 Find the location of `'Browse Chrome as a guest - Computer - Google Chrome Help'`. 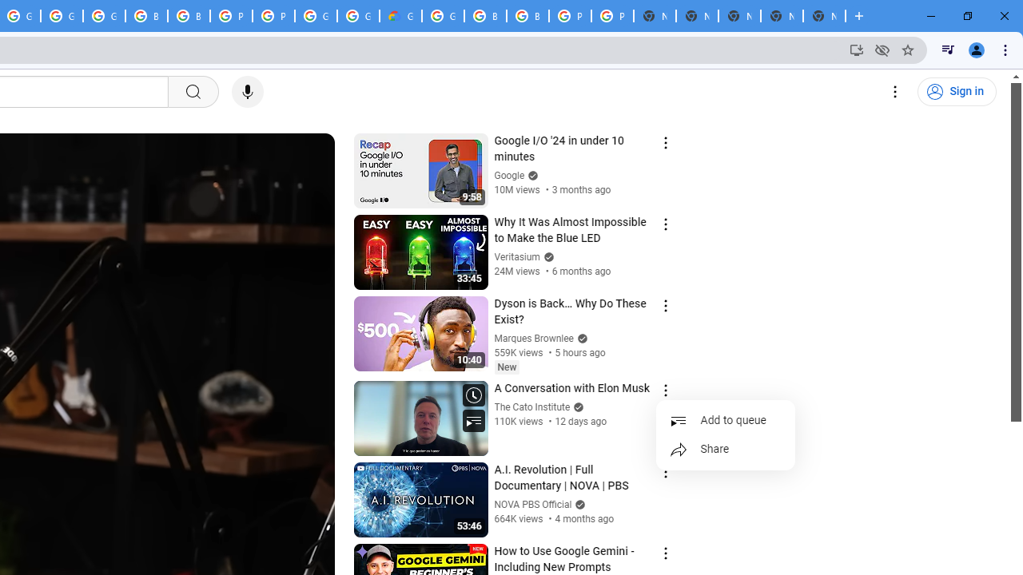

'Browse Chrome as a guest - Computer - Google Chrome Help' is located at coordinates (189, 16).